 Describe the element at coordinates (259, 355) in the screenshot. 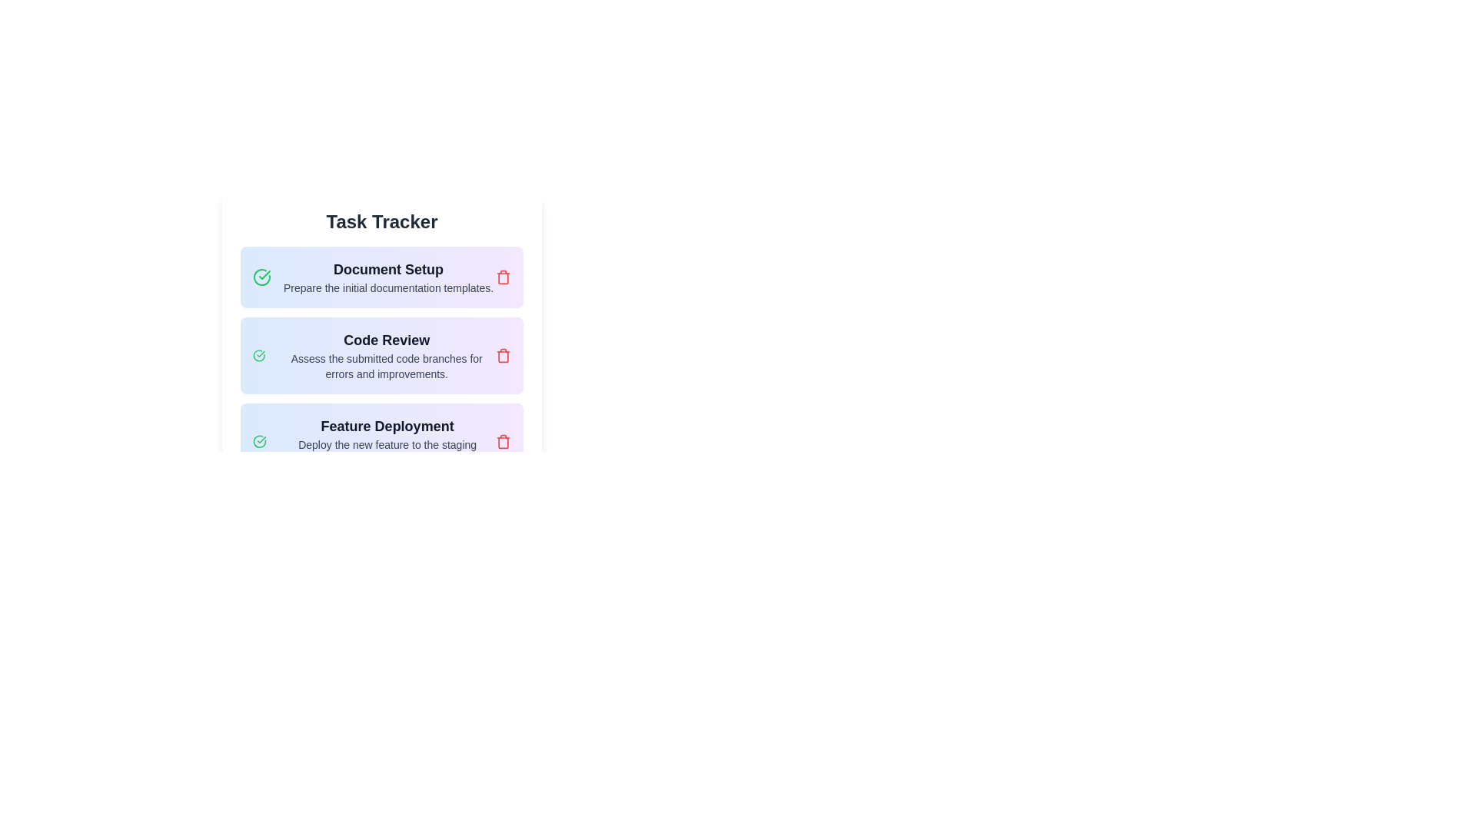

I see `the green checkmark icon within a circle located to the left of the 'Code Review' text in the 'Task Tracker' section` at that location.